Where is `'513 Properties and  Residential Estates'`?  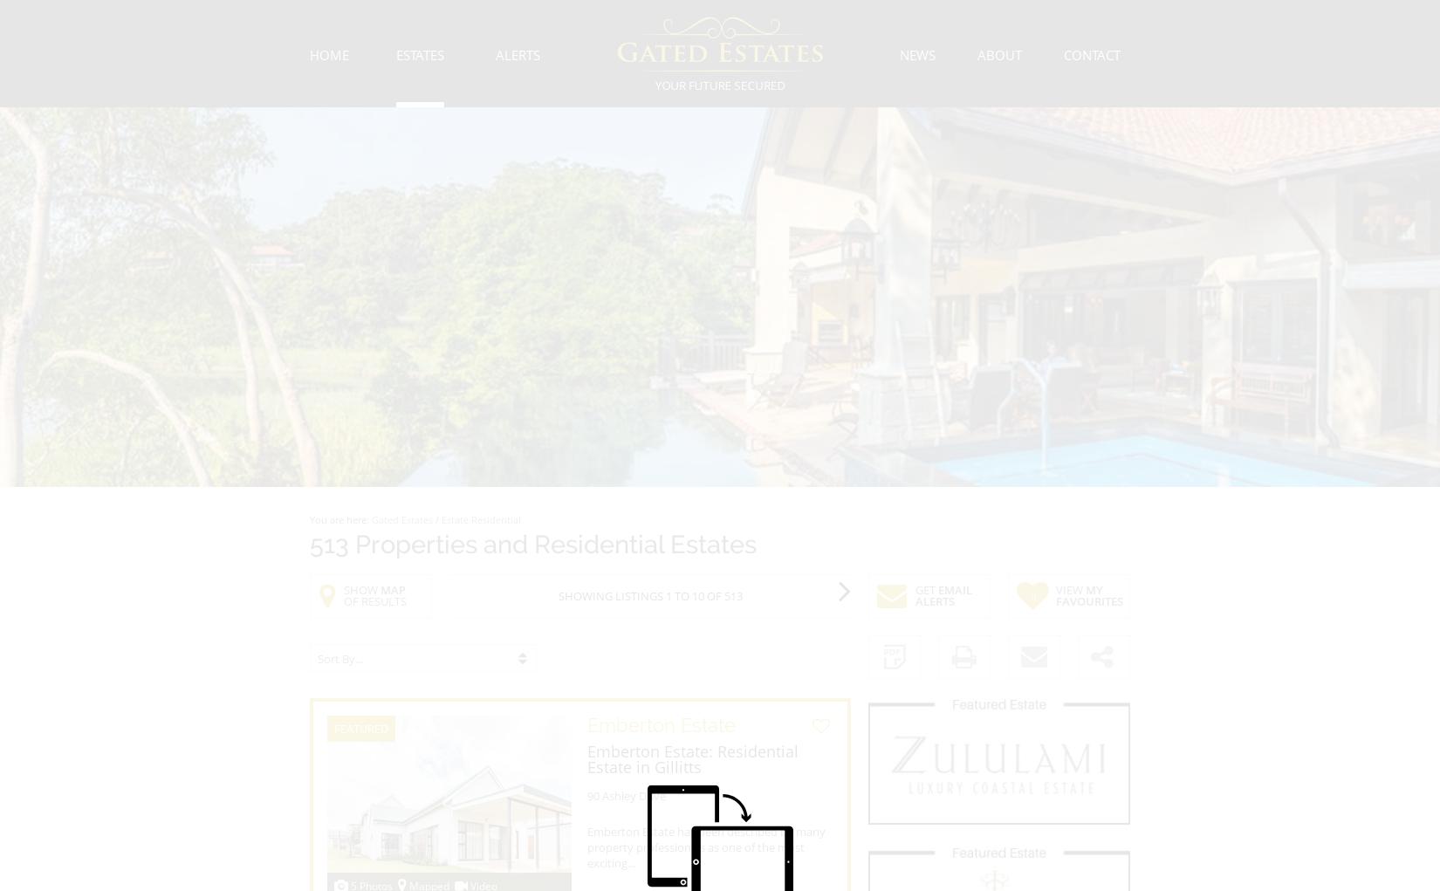
'513 Properties and  Residential Estates' is located at coordinates (531, 545).